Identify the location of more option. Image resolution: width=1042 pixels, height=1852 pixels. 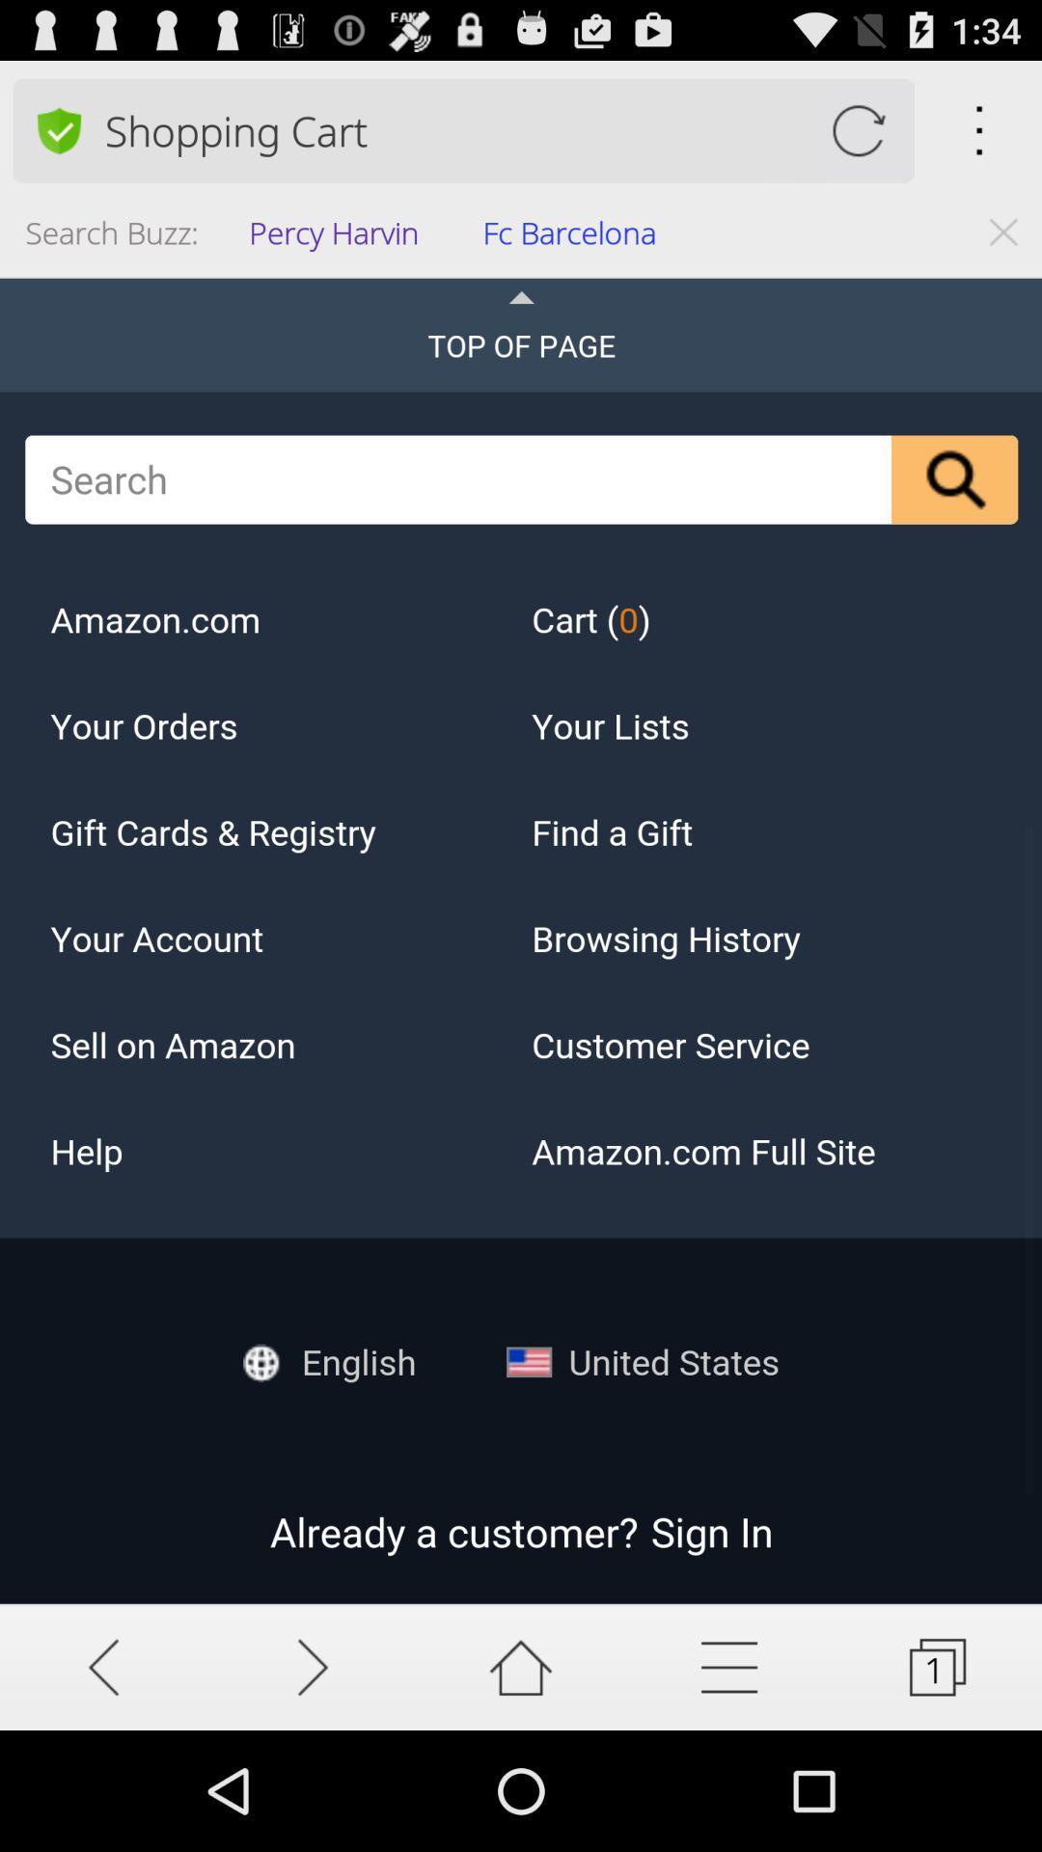
(729, 1666).